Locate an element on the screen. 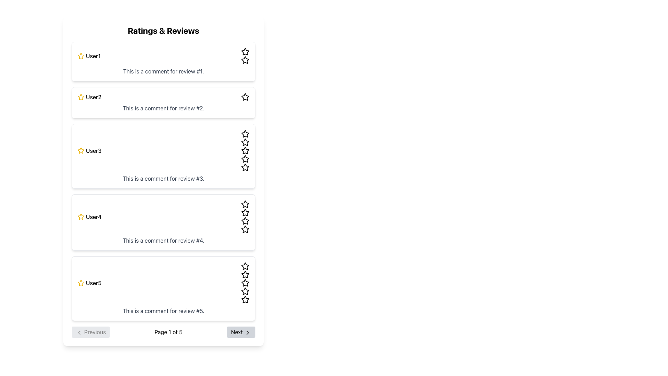 This screenshot has height=376, width=668. the first star in the rating widget next to 'User1' to assign a rating is located at coordinates (81, 55).